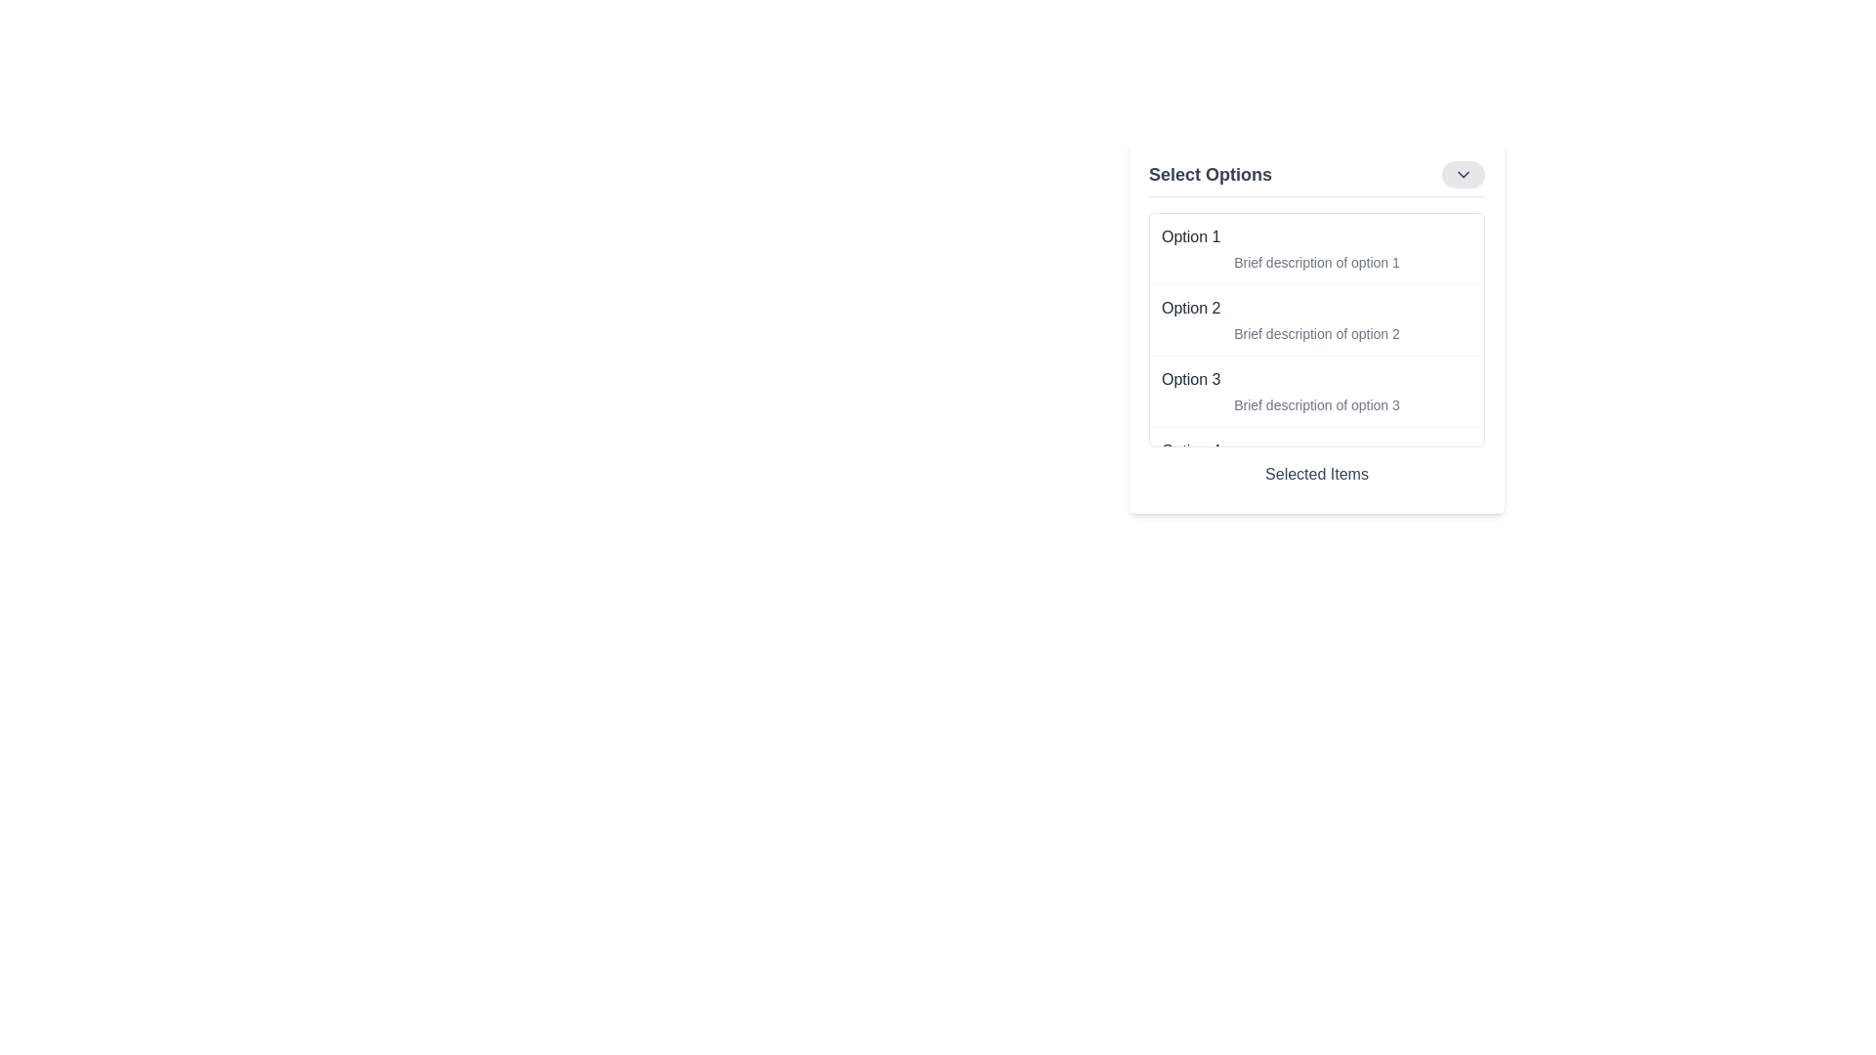  I want to click on to select the list item labeled 'Option 3' with the description 'Brief description of option 3' from the drop-down menu 'Select Options', so click(1317, 392).